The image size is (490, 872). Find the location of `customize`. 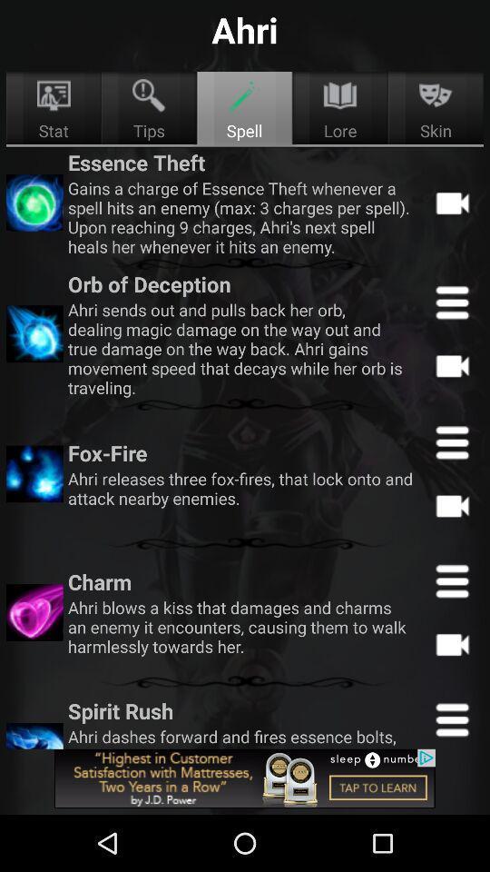

customize is located at coordinates (451, 718).